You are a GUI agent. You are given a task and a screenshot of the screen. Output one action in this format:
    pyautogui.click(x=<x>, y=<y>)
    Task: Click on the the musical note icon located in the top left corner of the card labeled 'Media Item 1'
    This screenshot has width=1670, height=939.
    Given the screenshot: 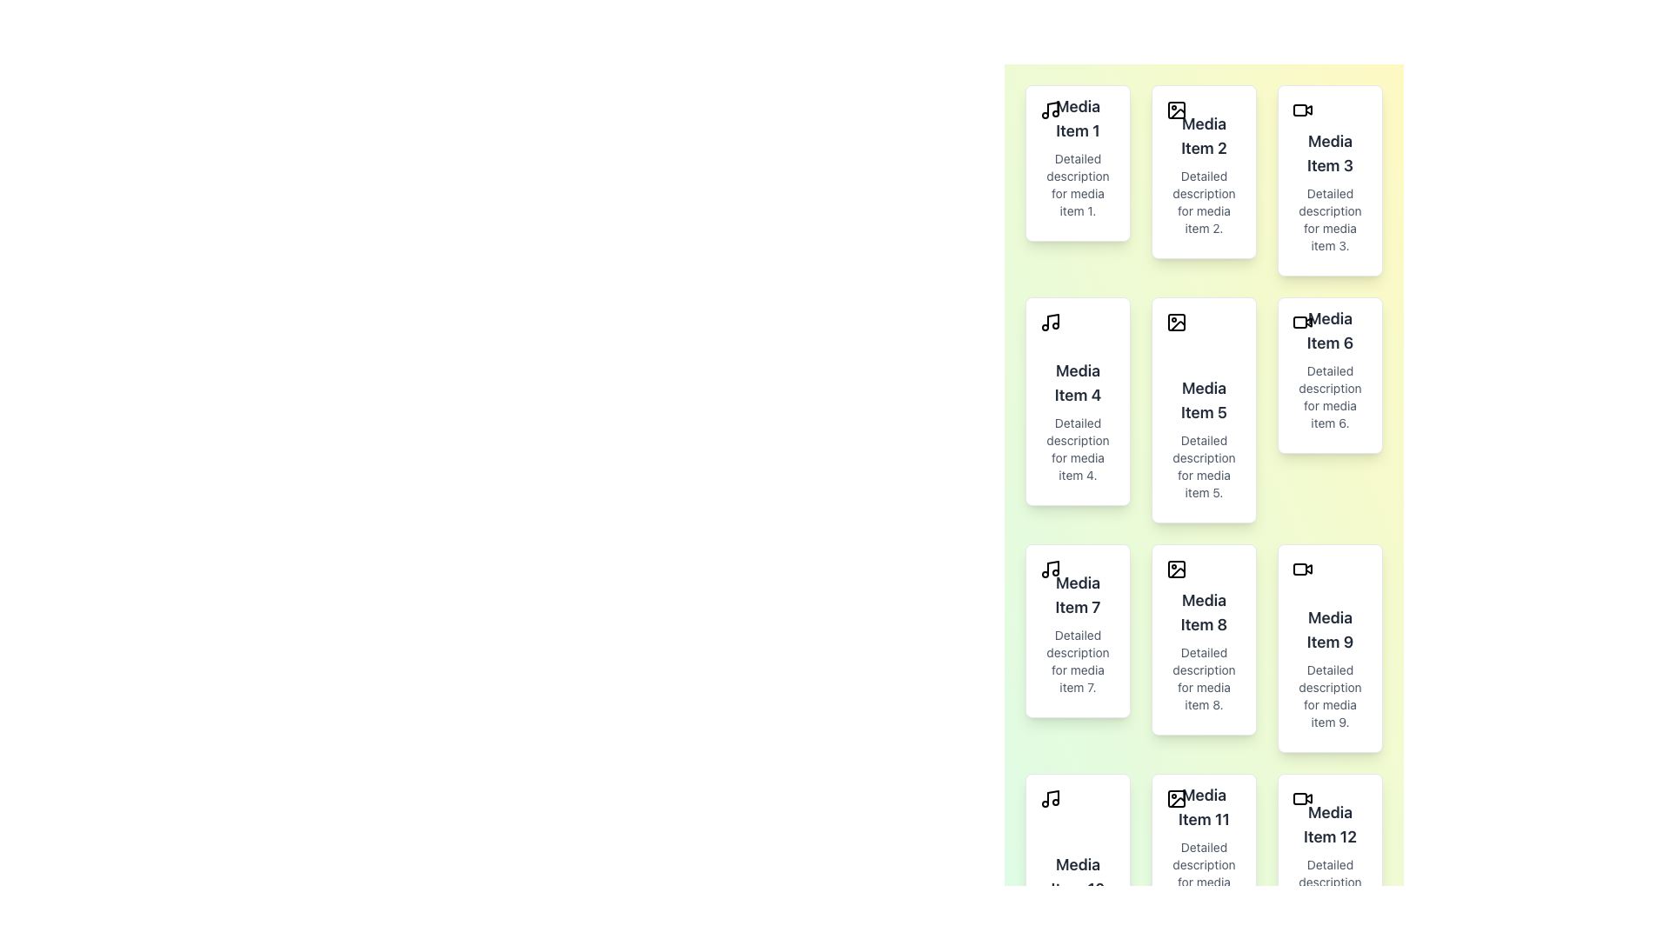 What is the action you would take?
    pyautogui.click(x=1050, y=110)
    